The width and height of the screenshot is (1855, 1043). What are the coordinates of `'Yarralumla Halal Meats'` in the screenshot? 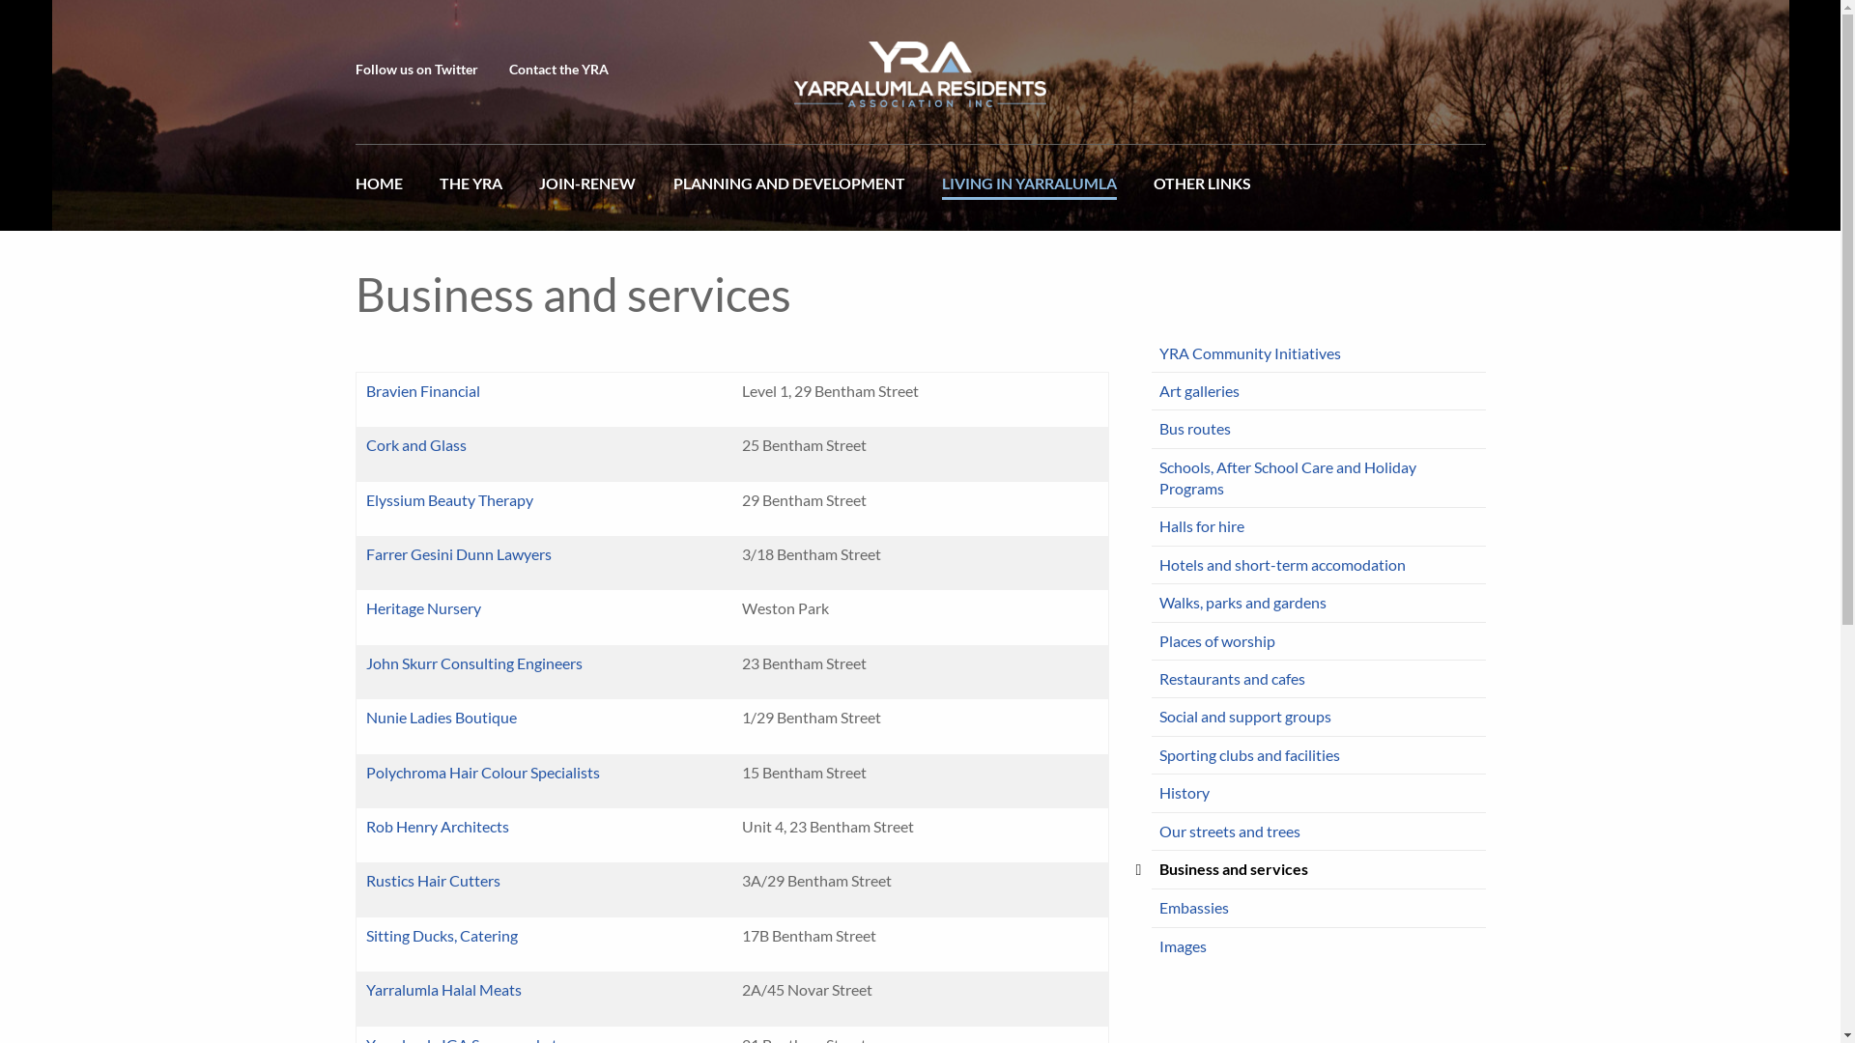 It's located at (442, 989).